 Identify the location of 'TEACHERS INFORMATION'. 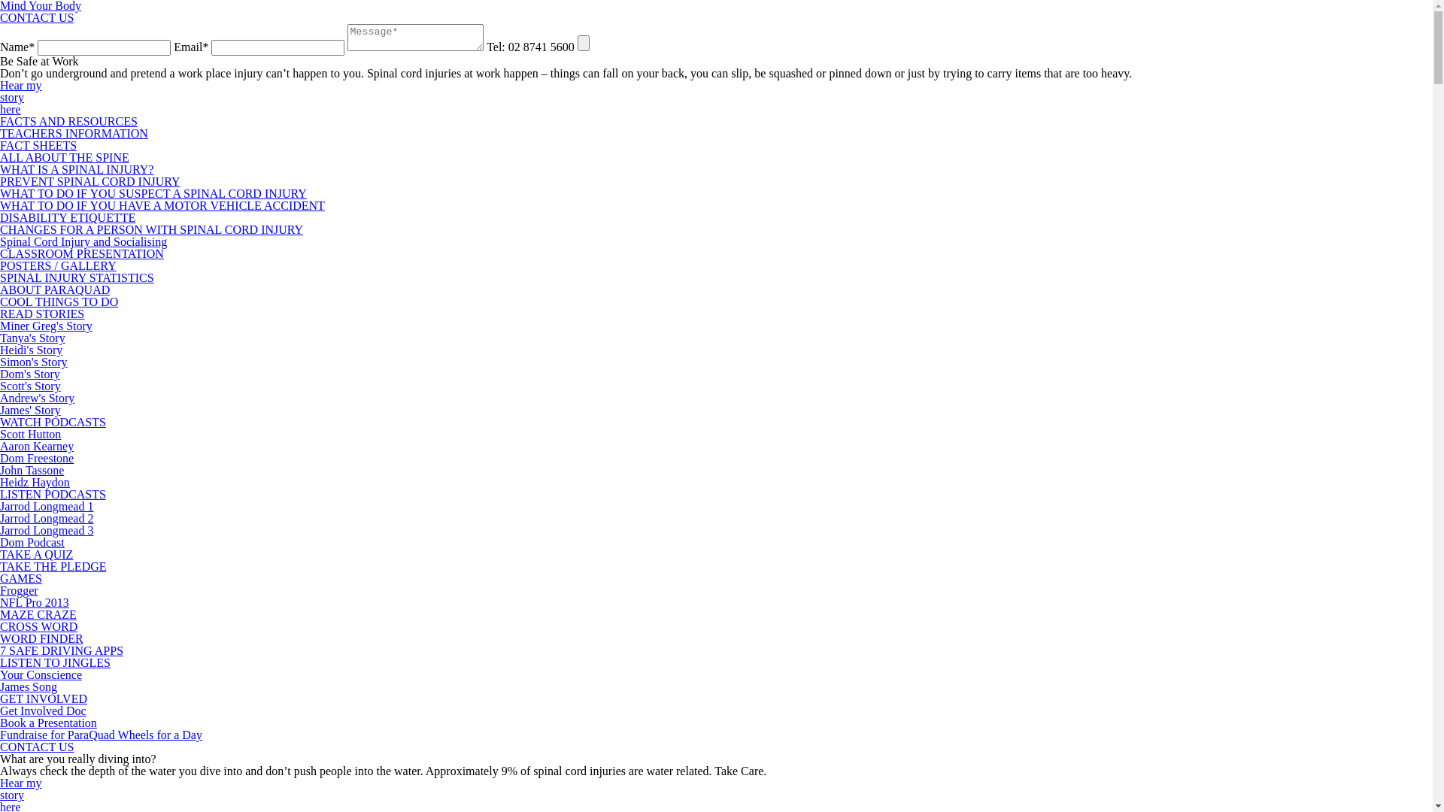
(73, 132).